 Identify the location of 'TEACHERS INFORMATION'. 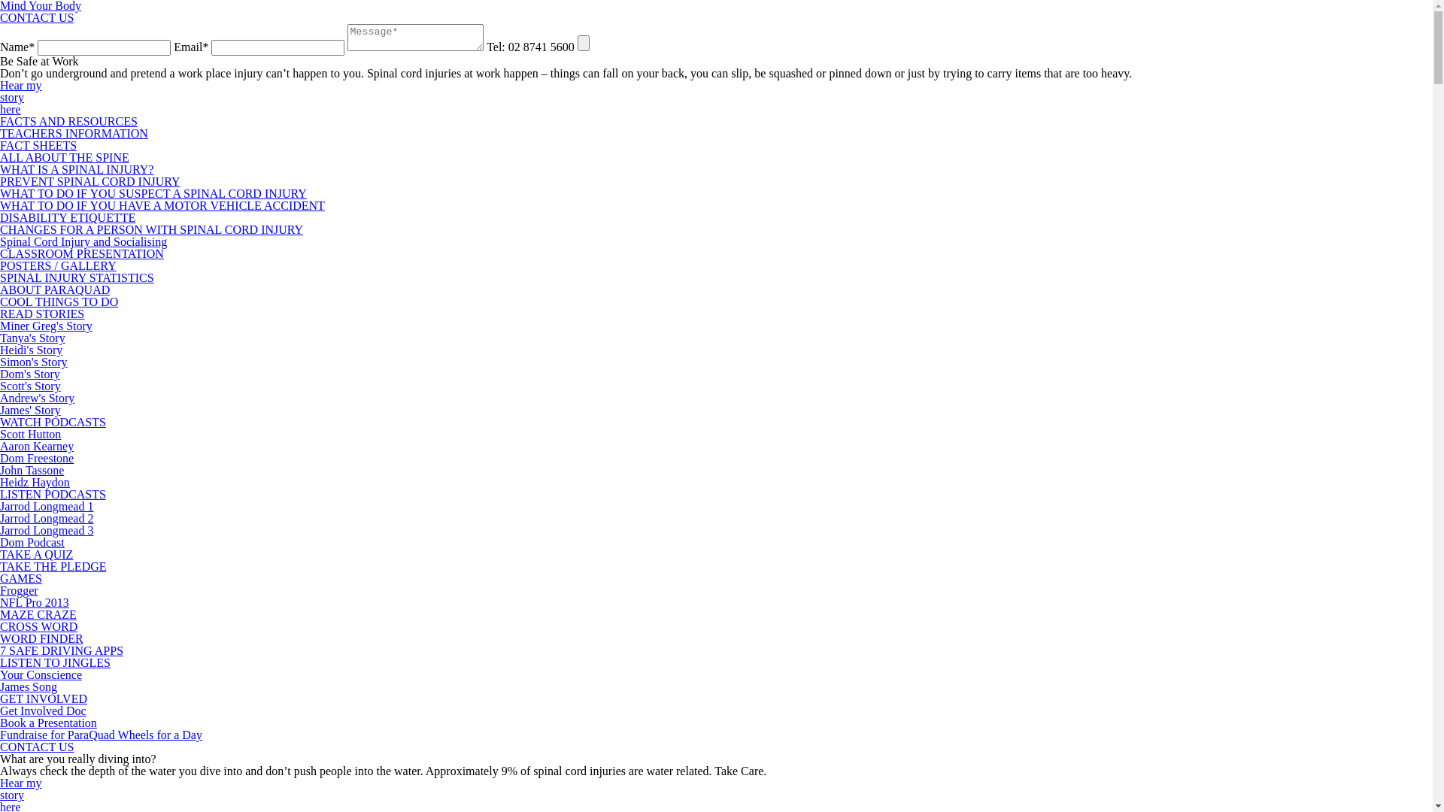
(73, 132).